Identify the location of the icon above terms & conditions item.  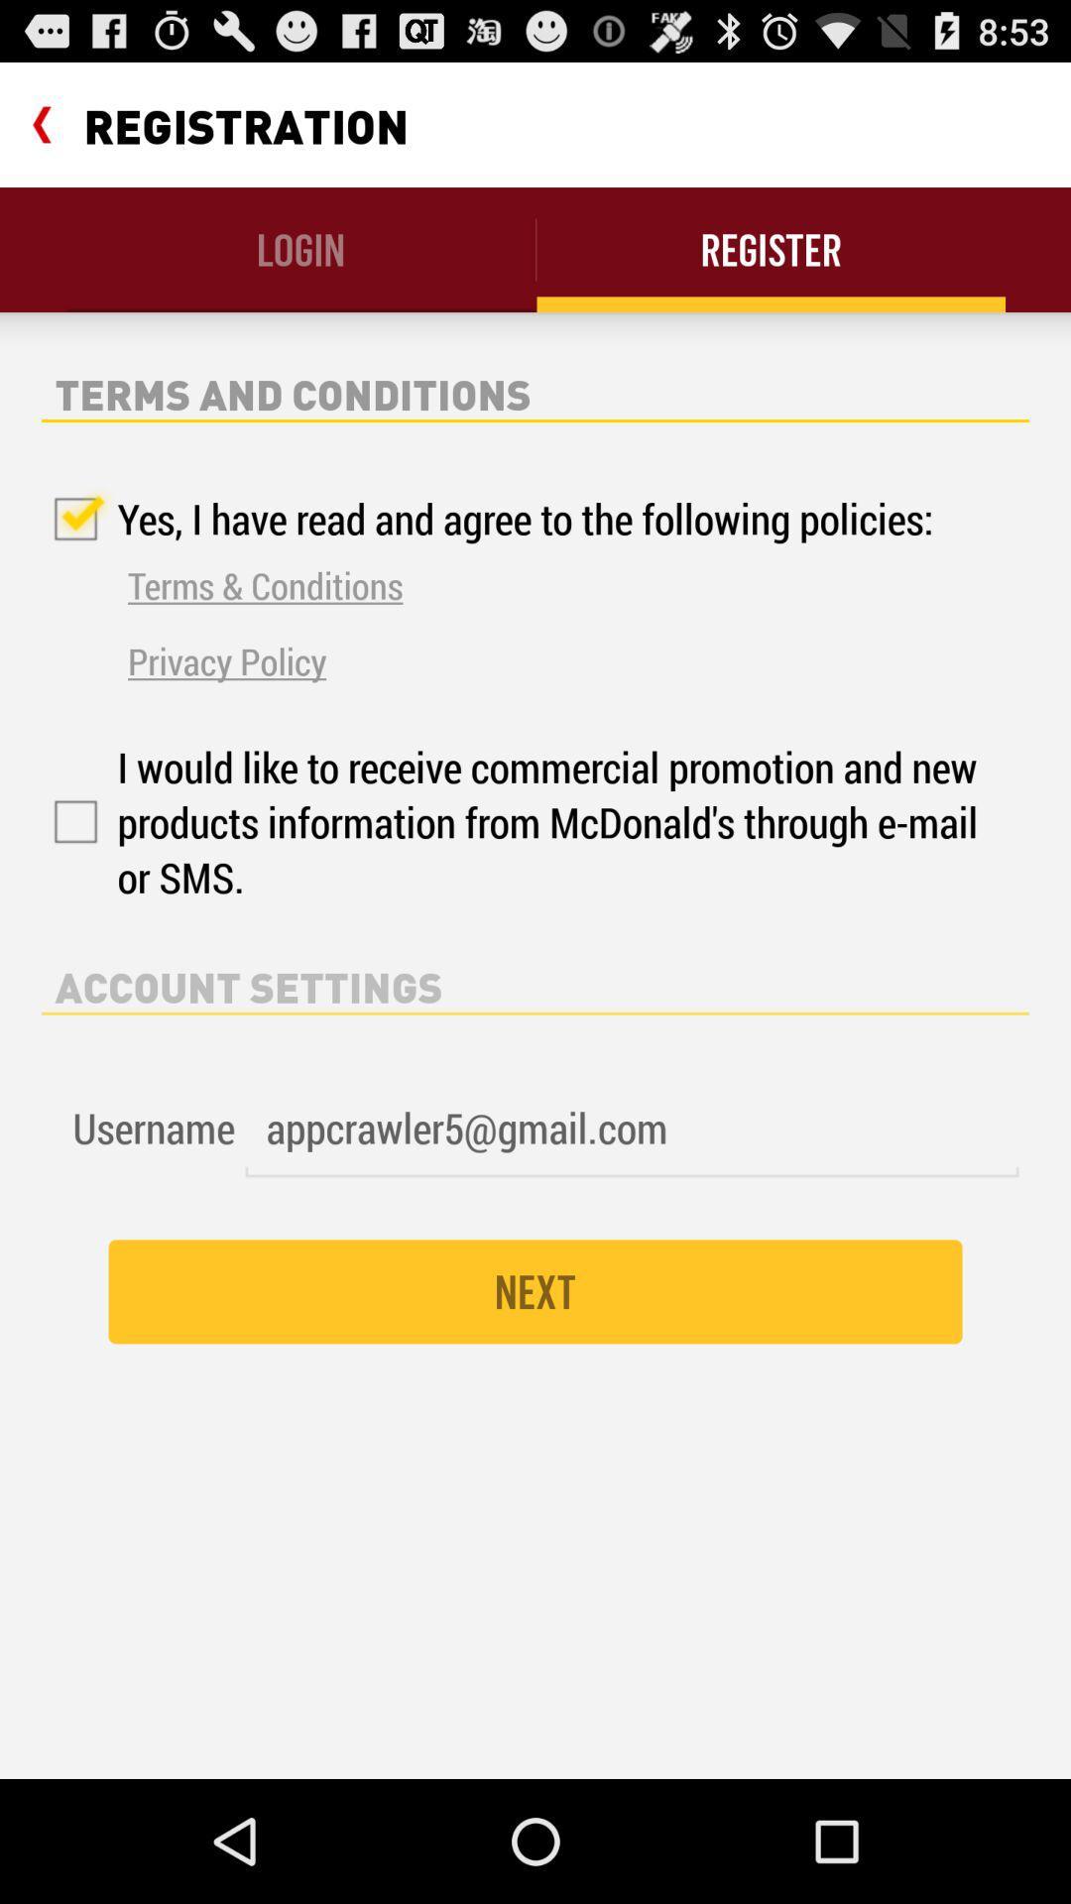
(487, 519).